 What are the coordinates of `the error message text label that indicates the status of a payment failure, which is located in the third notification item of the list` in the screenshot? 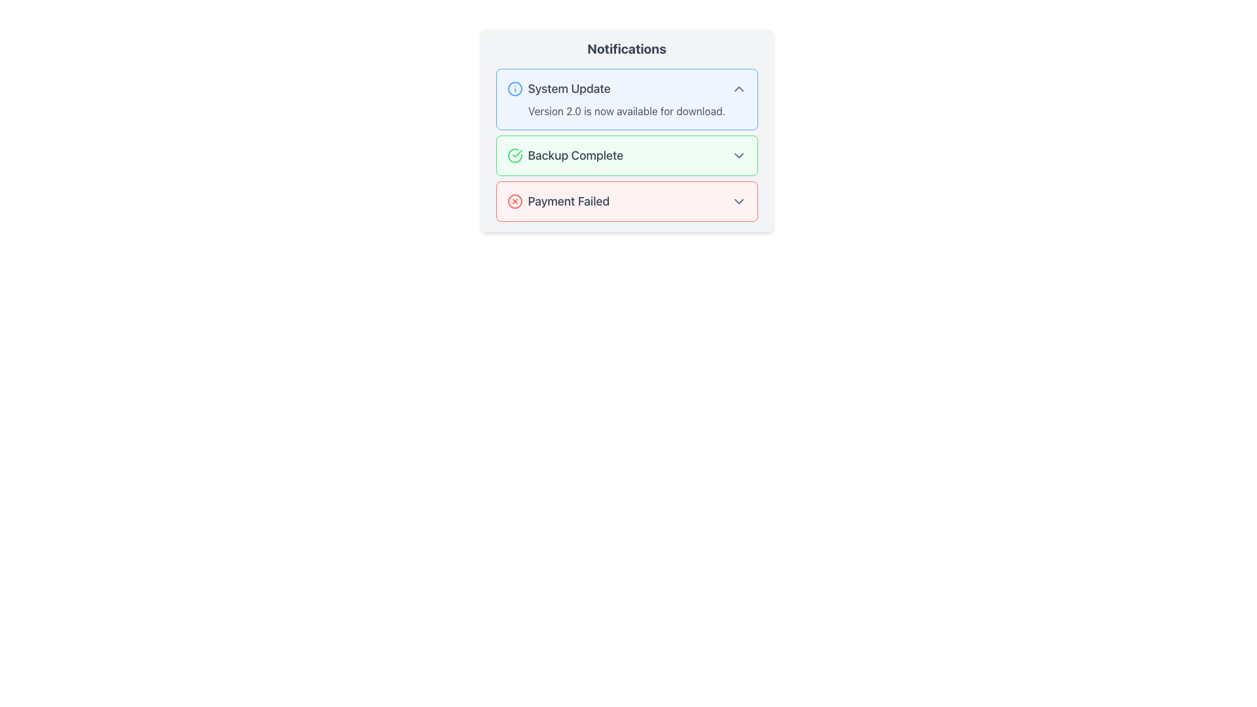 It's located at (558, 202).